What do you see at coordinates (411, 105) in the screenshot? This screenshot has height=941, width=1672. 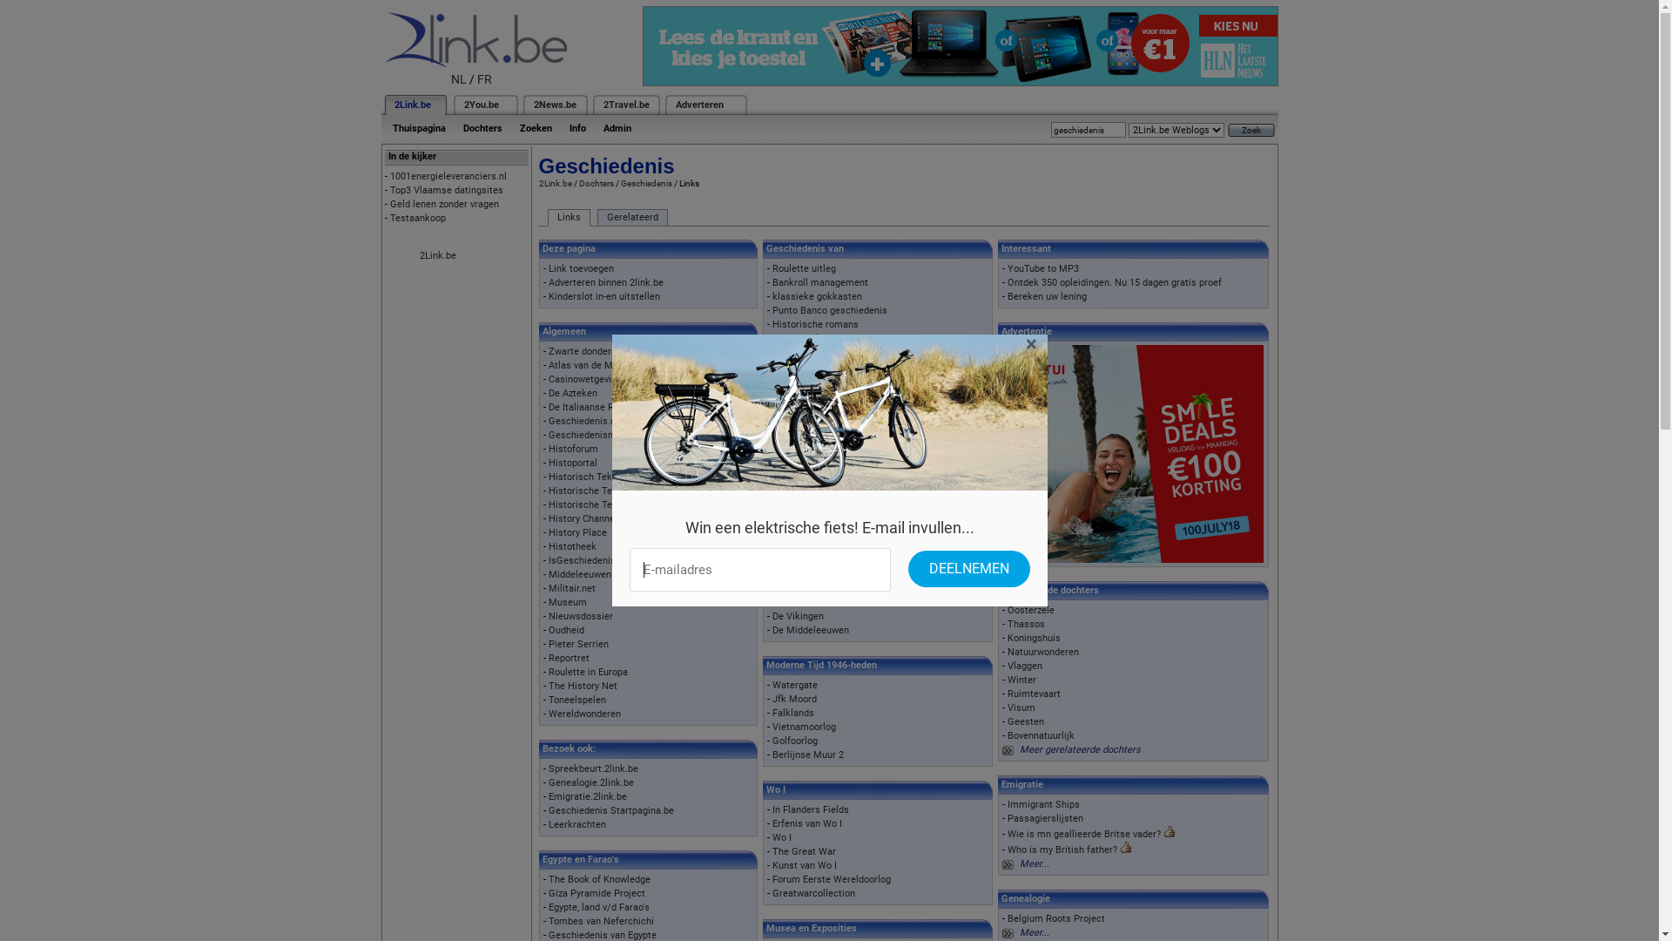 I see `'2Link.be'` at bounding box center [411, 105].